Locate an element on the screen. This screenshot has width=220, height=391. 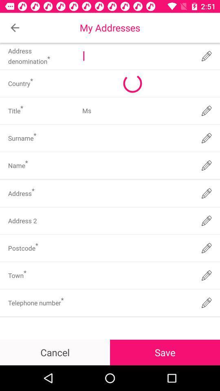
a text field which is after address denomination is located at coordinates (137, 55).